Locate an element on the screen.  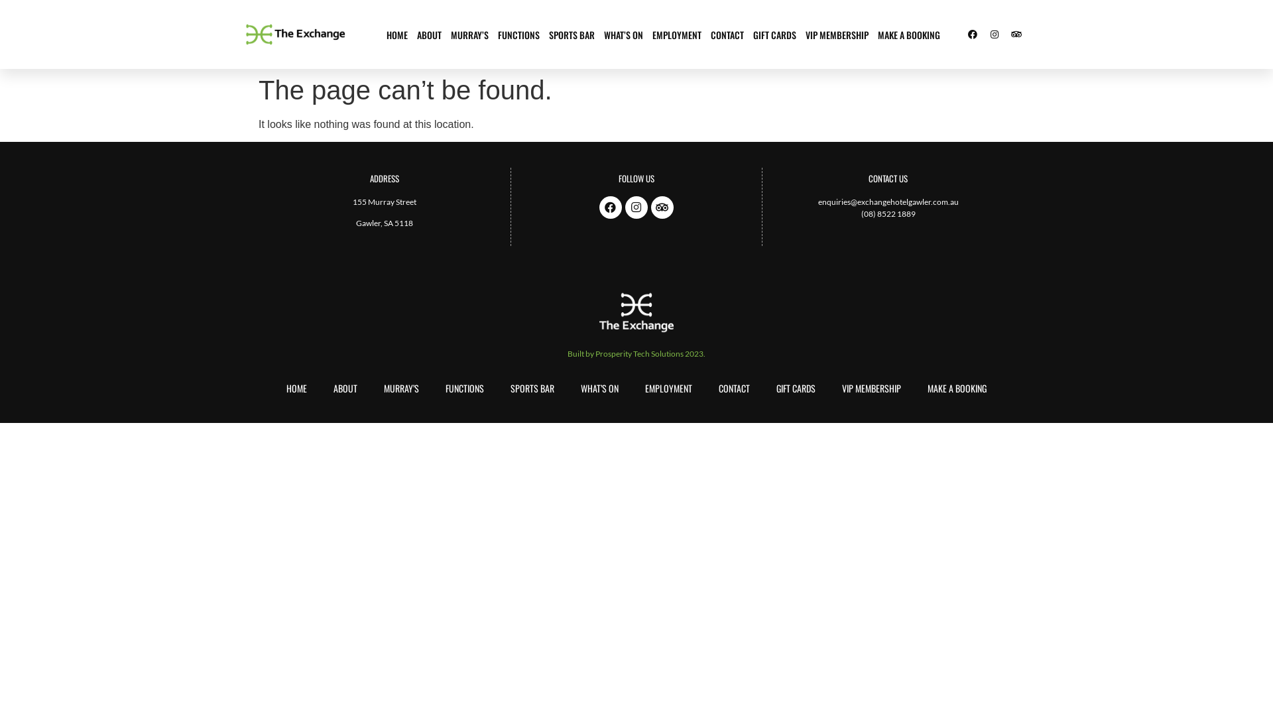
'SPORTS BAR' is located at coordinates (532, 388).